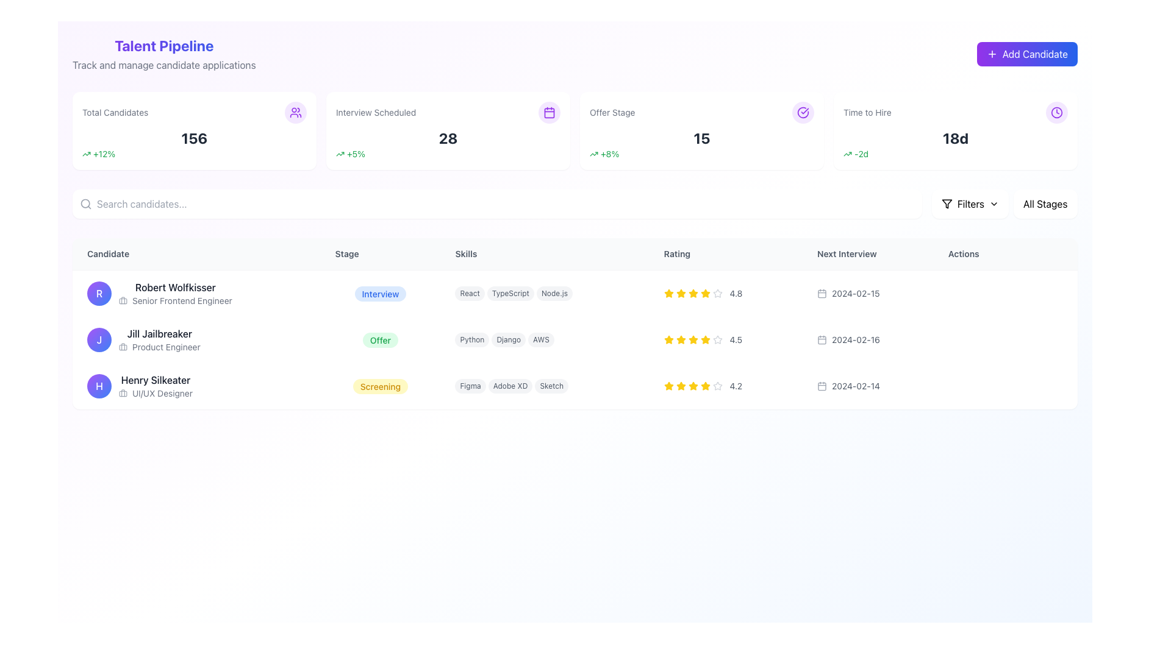 This screenshot has height=658, width=1171. Describe the element at coordinates (668, 293) in the screenshot. I see `the third yellow star in the 'Rating' column of the first candidate's row to rate` at that location.